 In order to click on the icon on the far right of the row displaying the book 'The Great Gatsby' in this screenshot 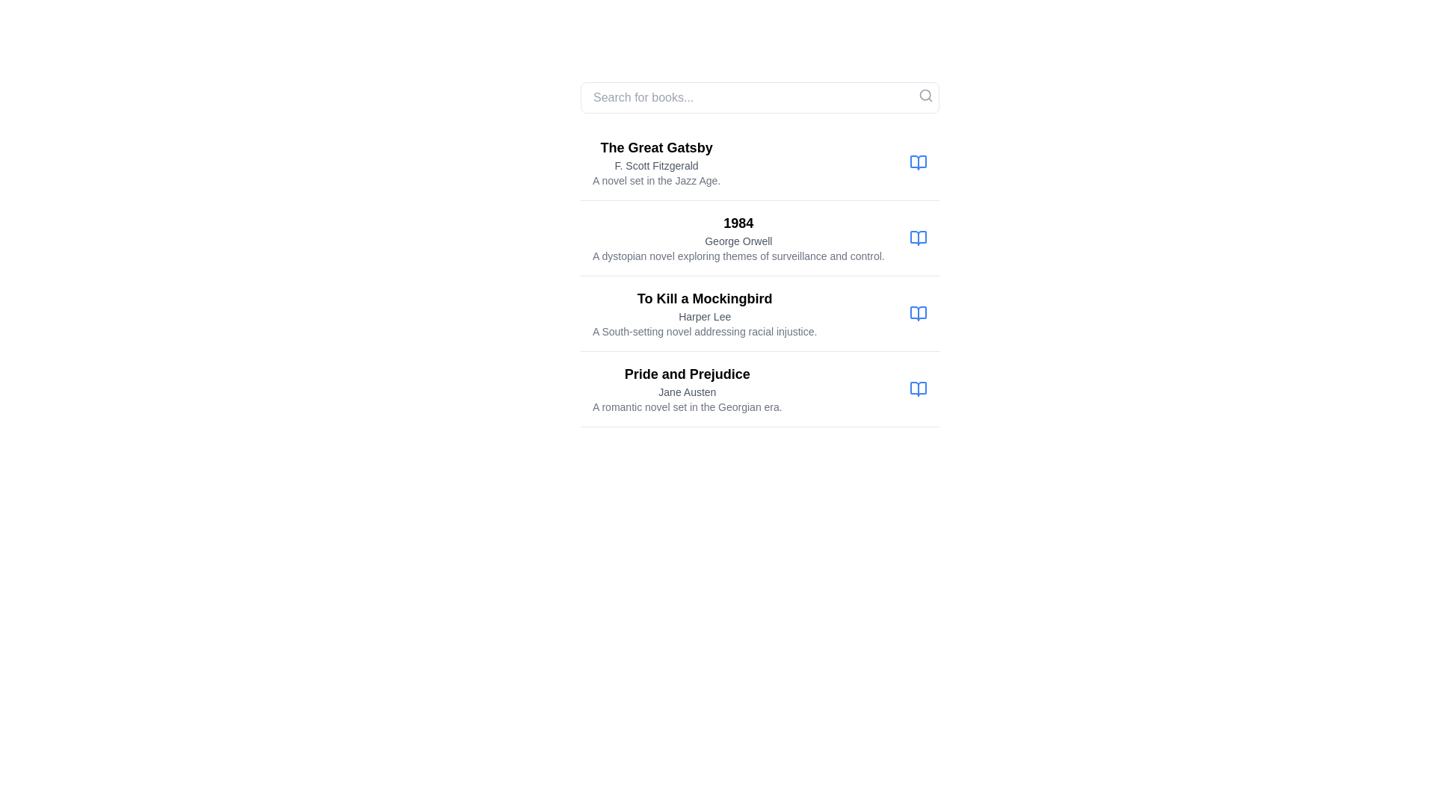, I will do `click(917, 163)`.